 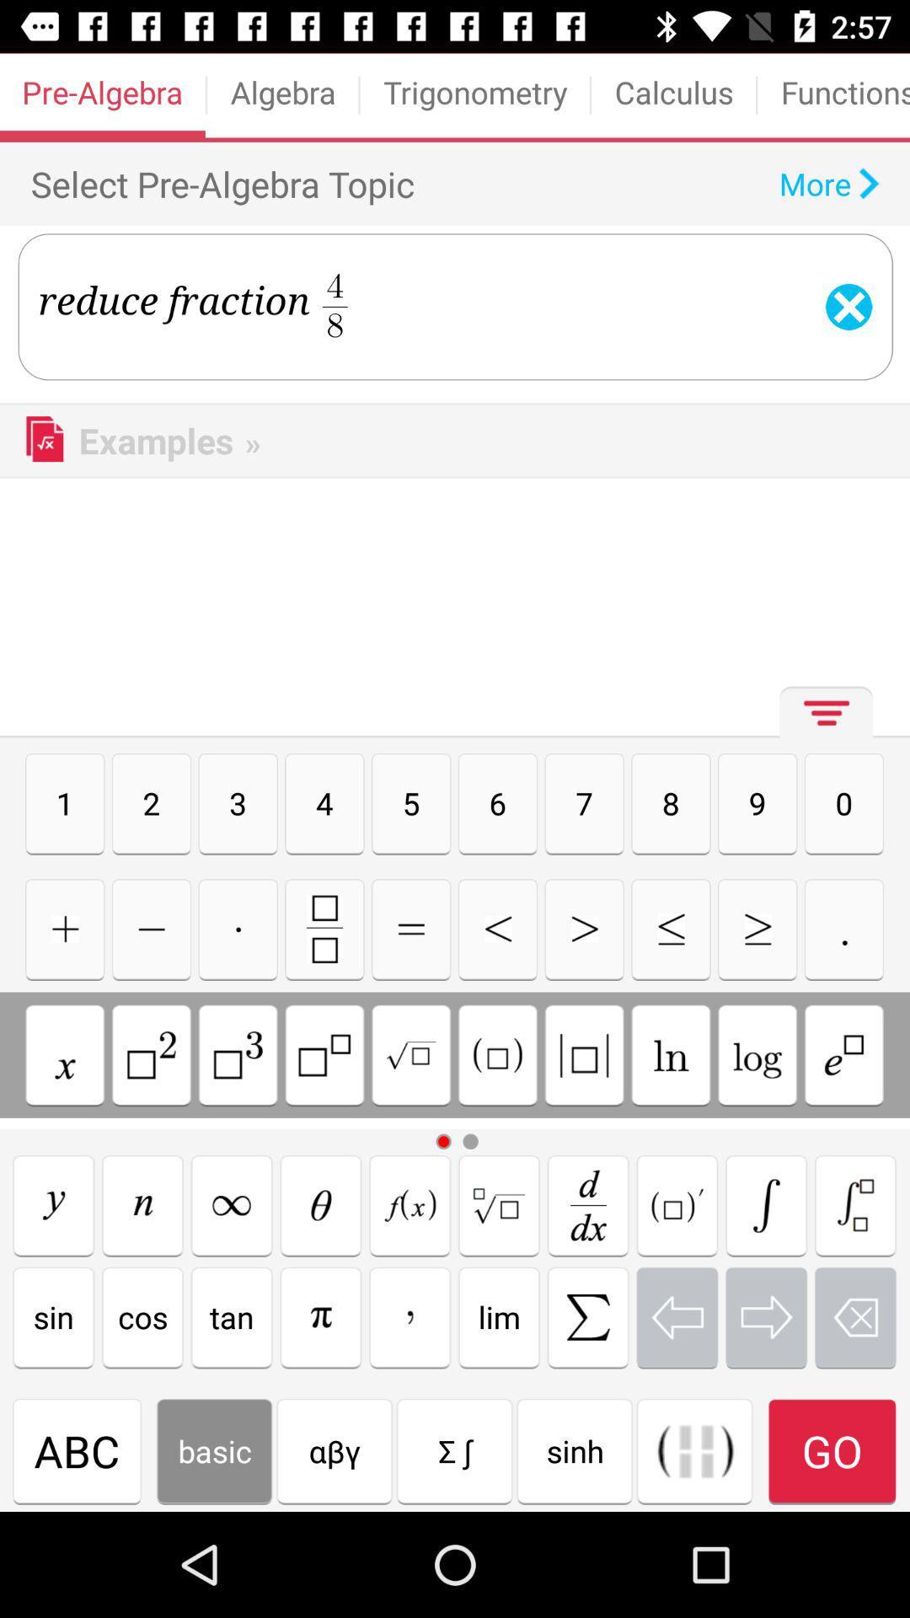 What do you see at coordinates (844, 1054) in the screenshot?
I see `this button` at bounding box center [844, 1054].